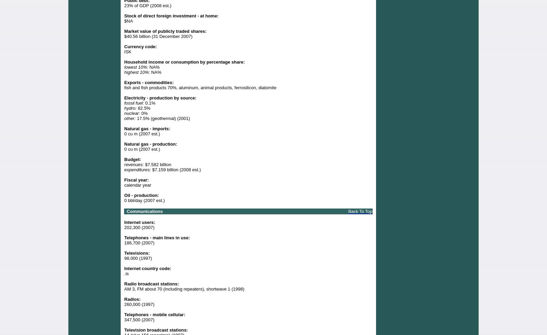 Image resolution: width=547 pixels, height=335 pixels. What do you see at coordinates (128, 21) in the screenshot?
I see `'$NA'` at bounding box center [128, 21].